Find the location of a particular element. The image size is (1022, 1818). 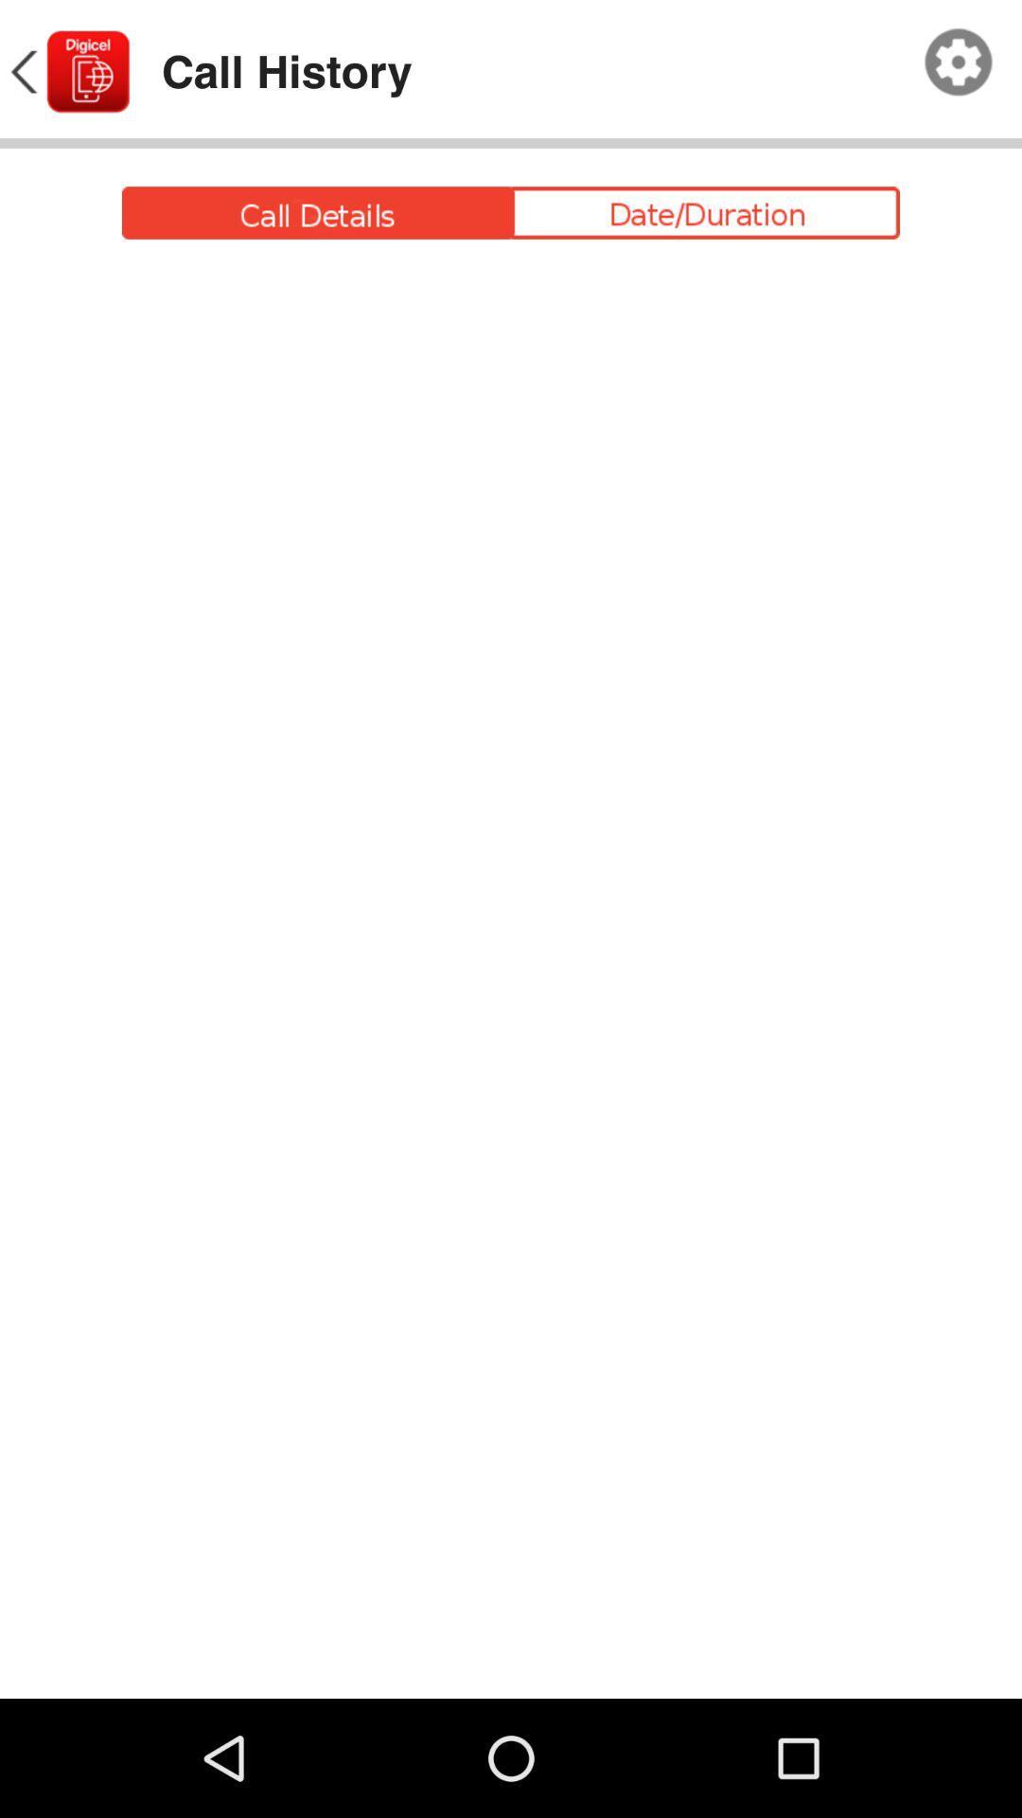

the item next to call history app is located at coordinates (959, 62).